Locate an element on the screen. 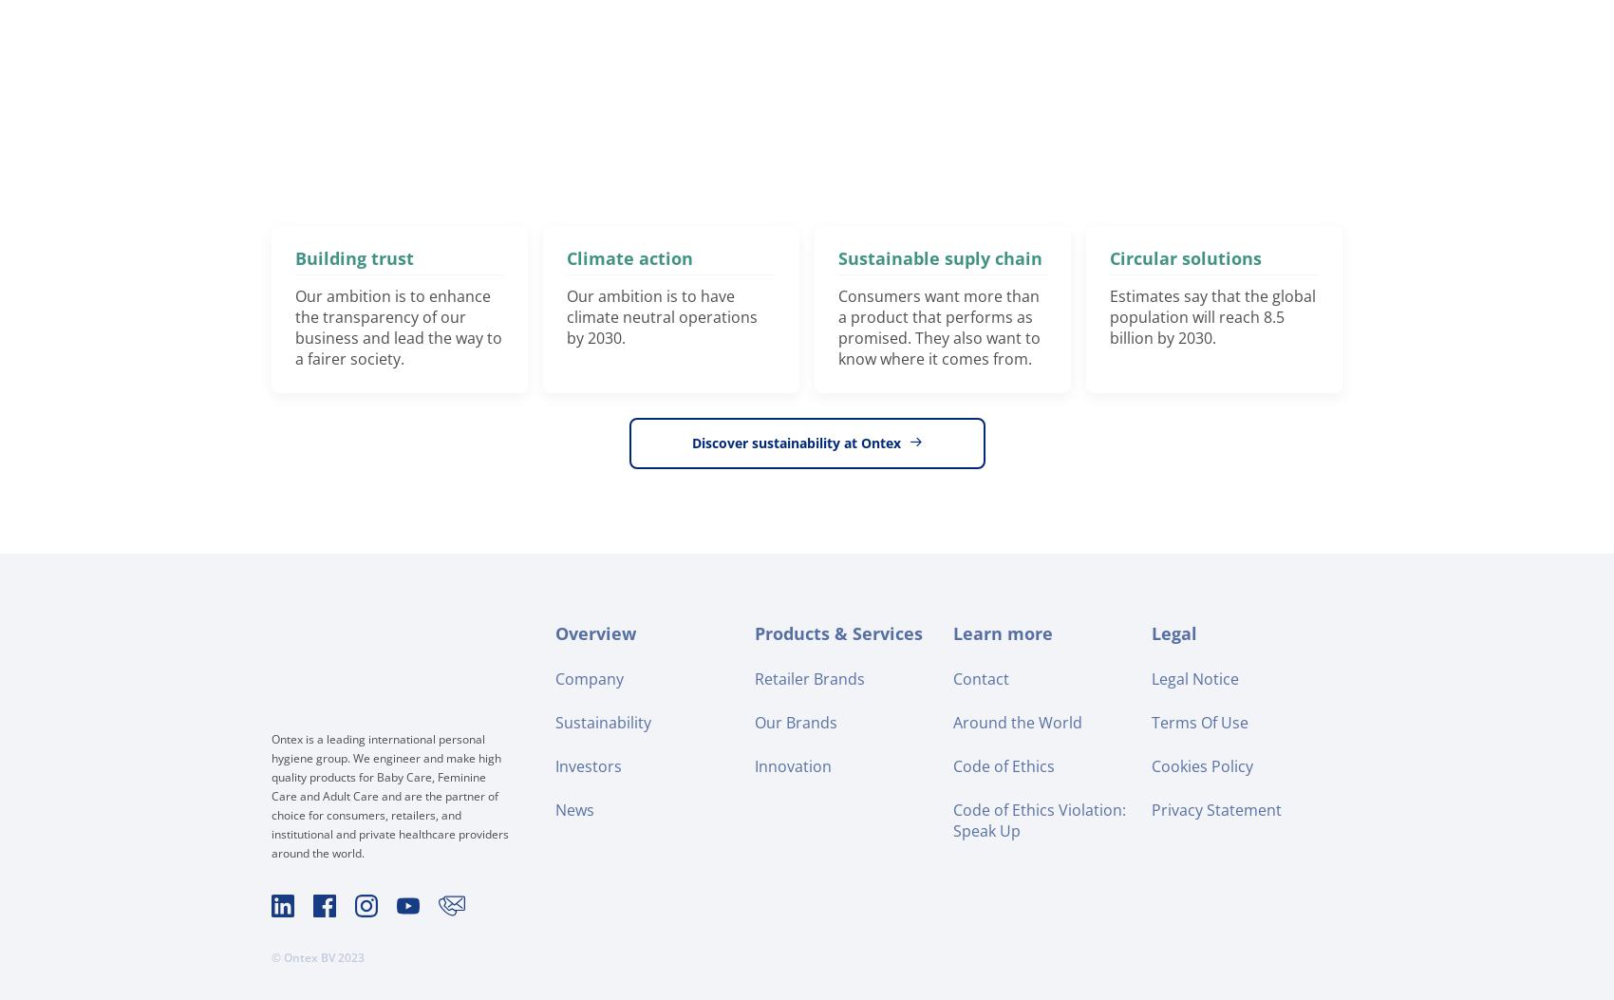  'positive impact' is located at coordinates (375, 112).